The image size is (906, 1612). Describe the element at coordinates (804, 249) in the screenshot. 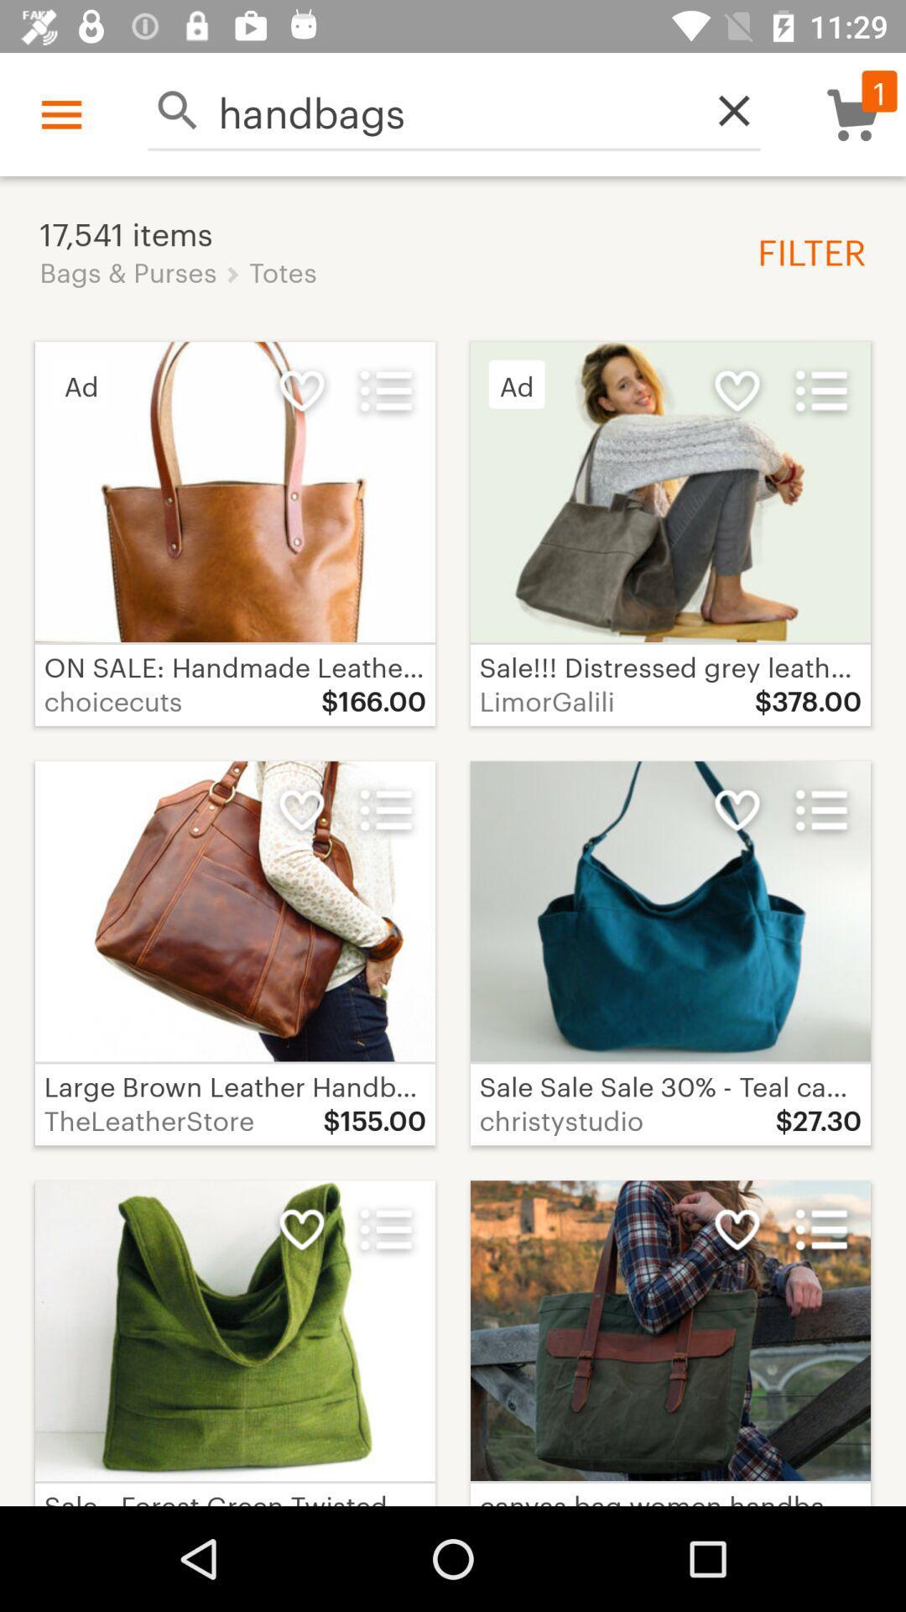

I see `filter icon` at that location.